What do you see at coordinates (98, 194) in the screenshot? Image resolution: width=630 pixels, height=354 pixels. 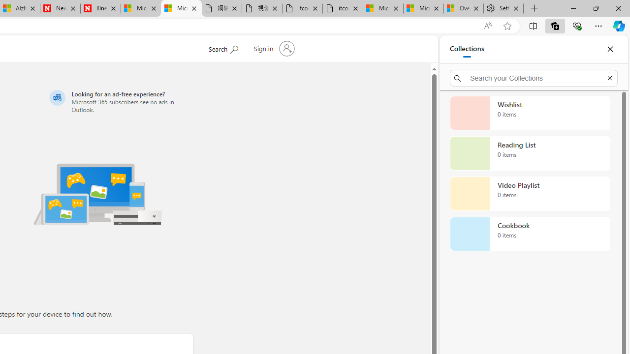 I see `'Illustration of multiple devices'` at bounding box center [98, 194].